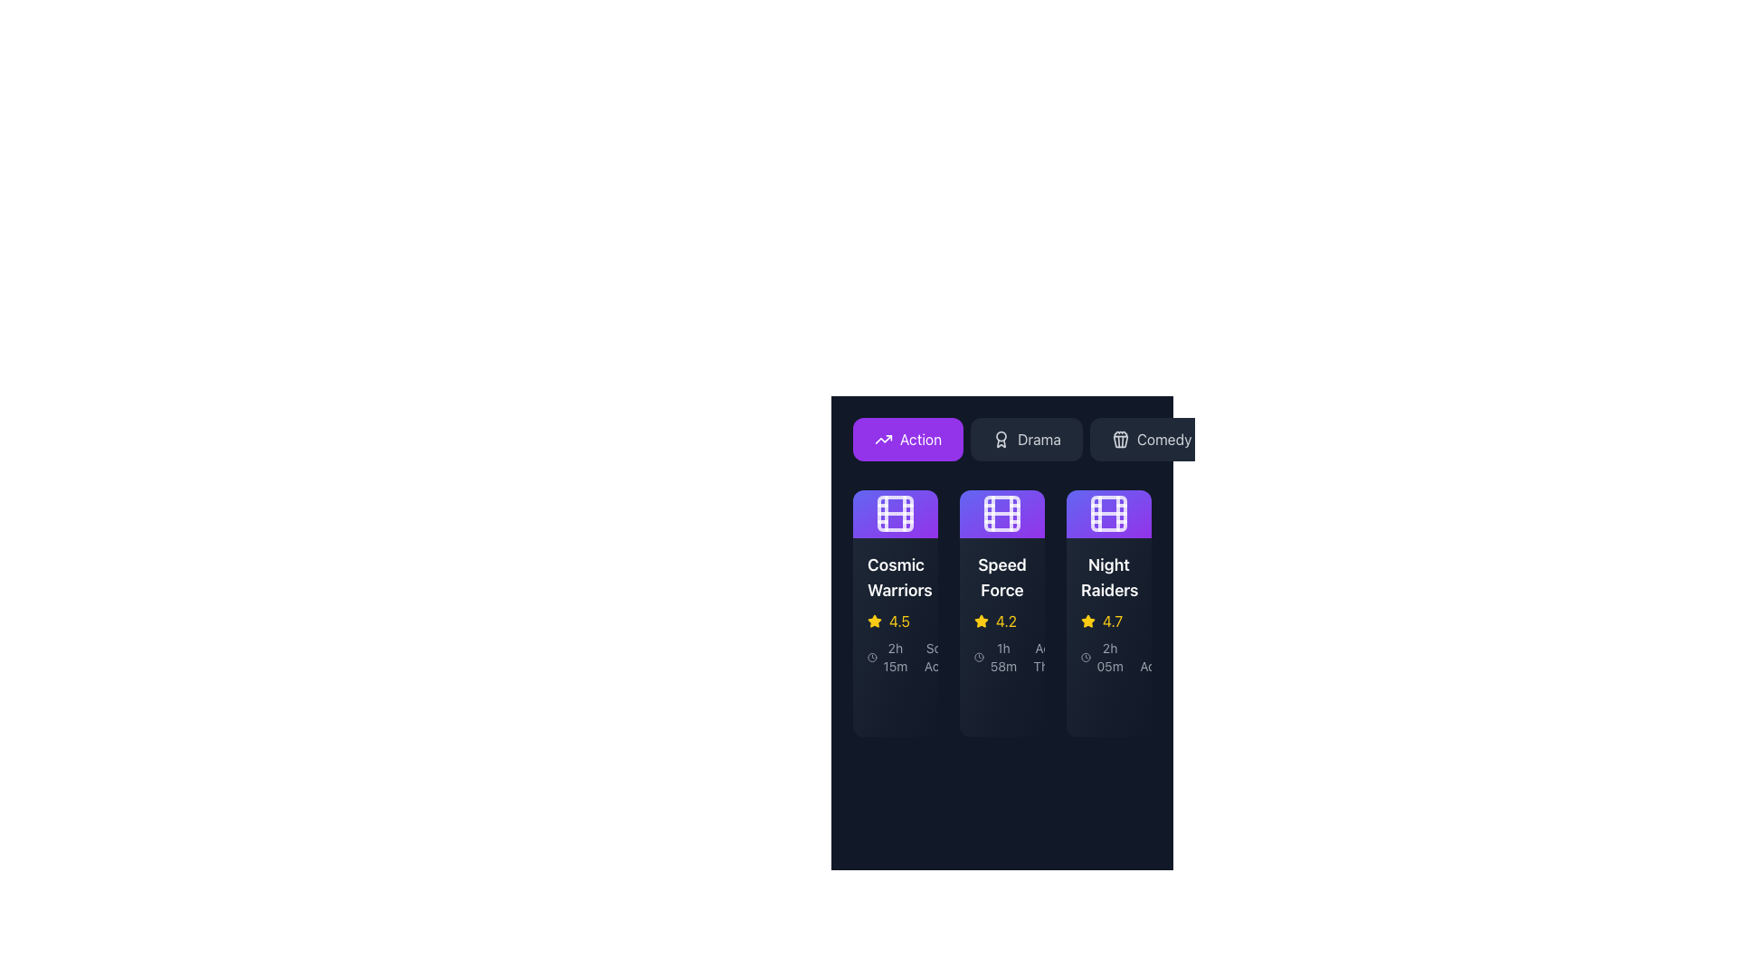  Describe the element at coordinates (1001, 440) in the screenshot. I see `the circular badge-like icon above the text 'Drama', which is styled with intricate details and located in the second position among its sibling category buttons` at that location.